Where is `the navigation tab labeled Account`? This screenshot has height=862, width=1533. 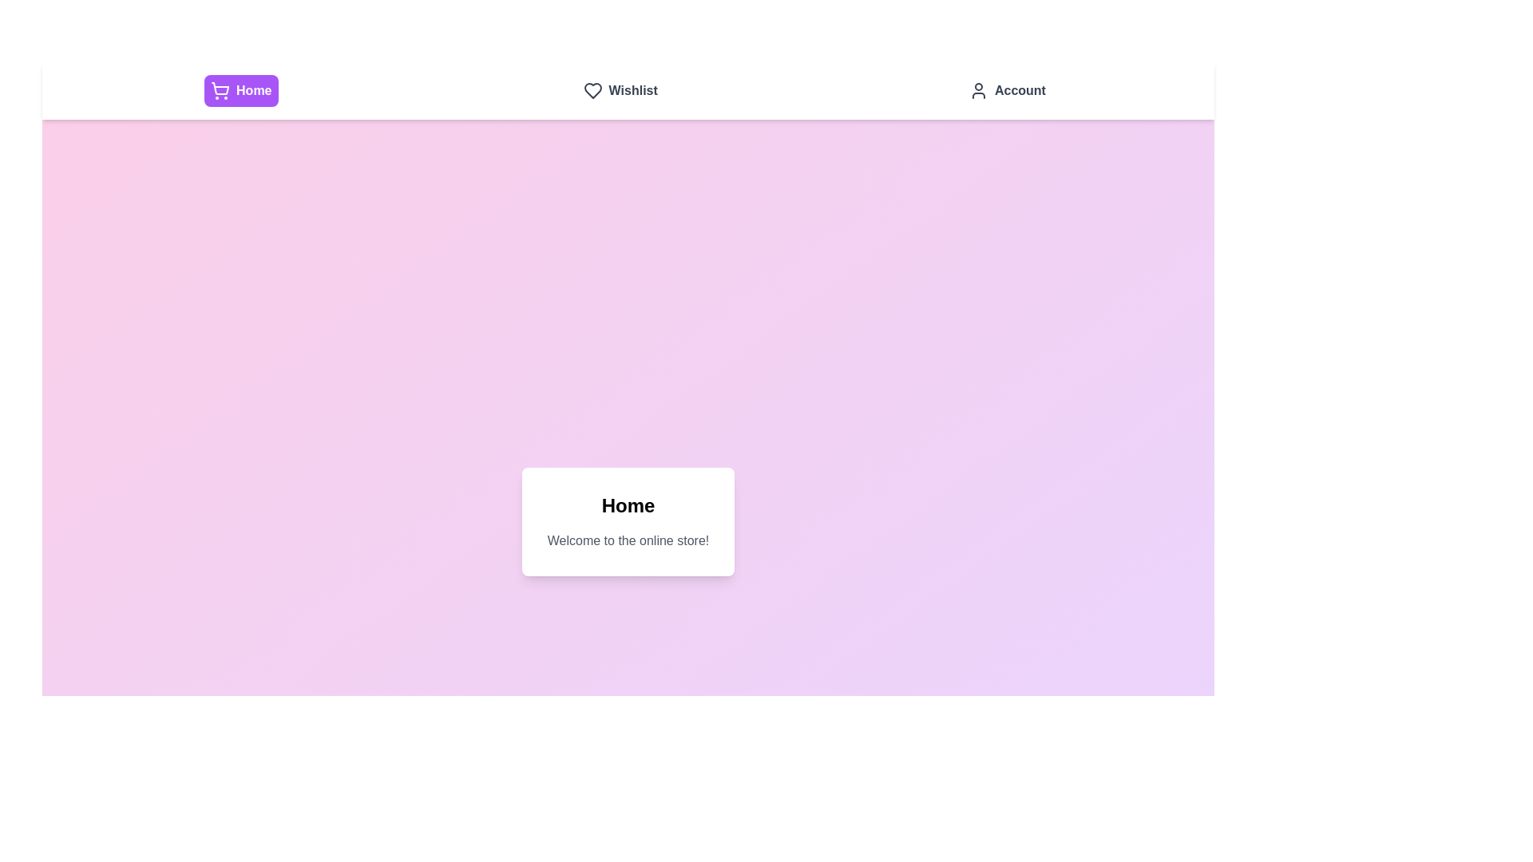
the navigation tab labeled Account is located at coordinates (1006, 91).